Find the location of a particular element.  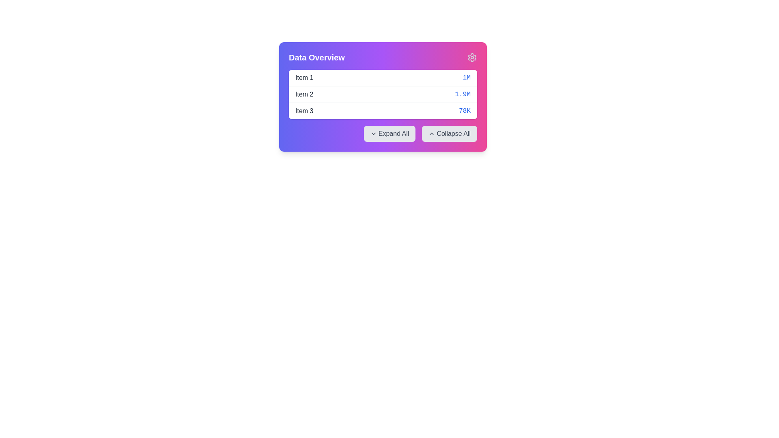

the static text element displaying '78K' in blue font, located at the right end of the third row within the 'Data Overview' card is located at coordinates (465, 111).